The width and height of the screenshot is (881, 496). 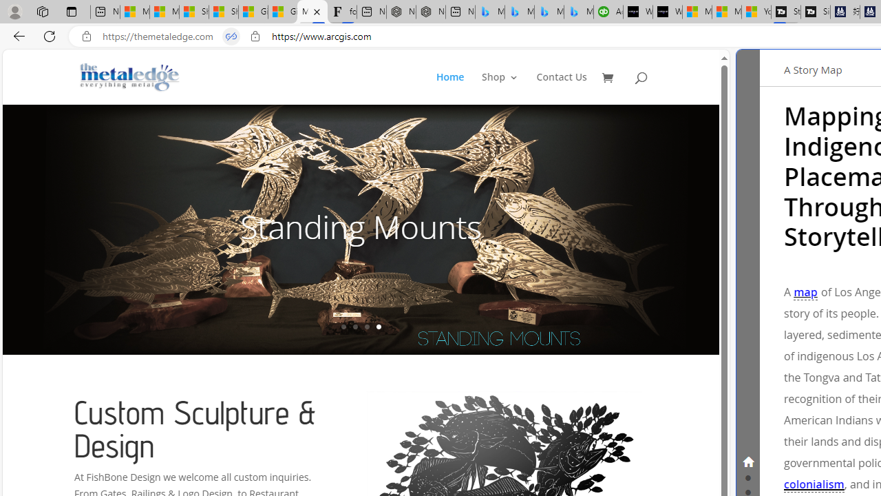 What do you see at coordinates (805, 292) in the screenshot?
I see `'map'` at bounding box center [805, 292].